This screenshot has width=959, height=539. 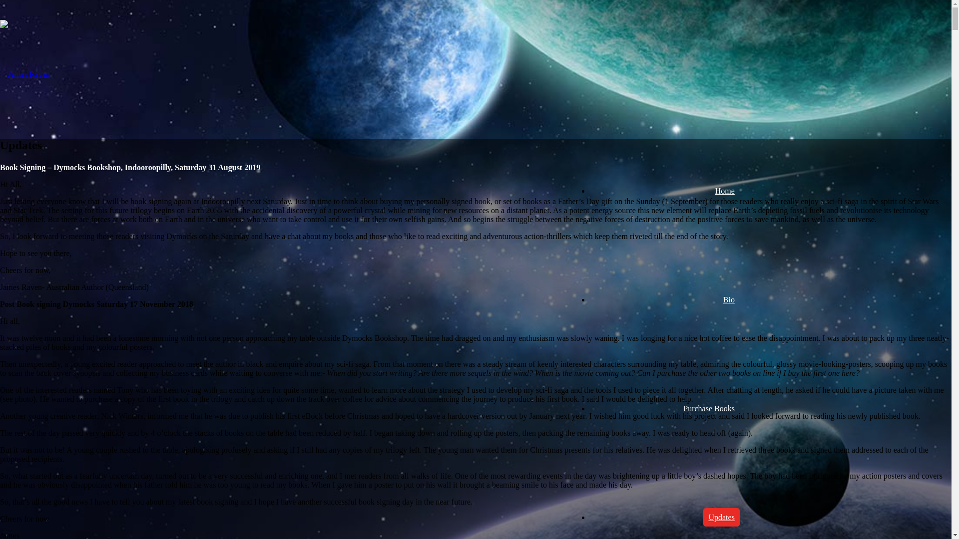 I want to click on 'Purchase Books', so click(x=678, y=408).